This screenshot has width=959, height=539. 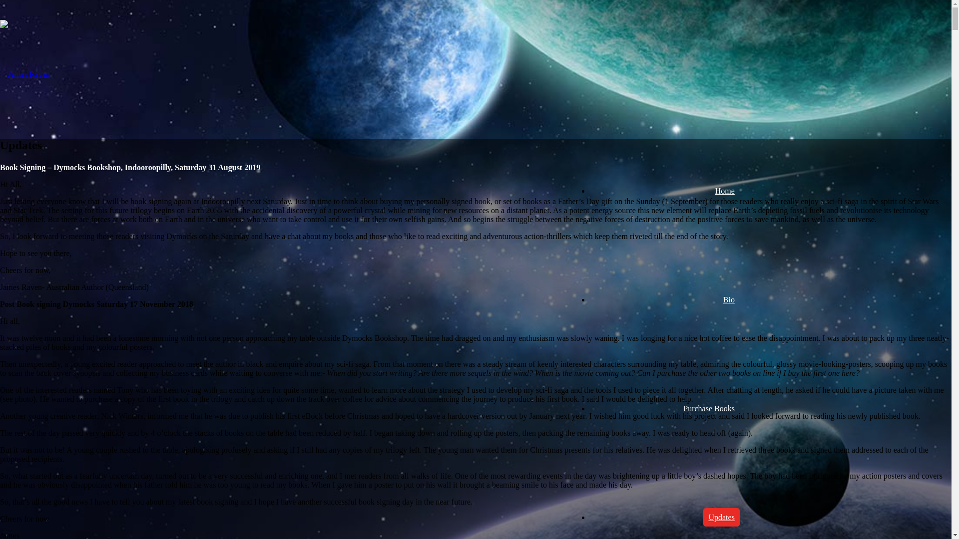 I want to click on 'Purchase Books', so click(x=678, y=408).